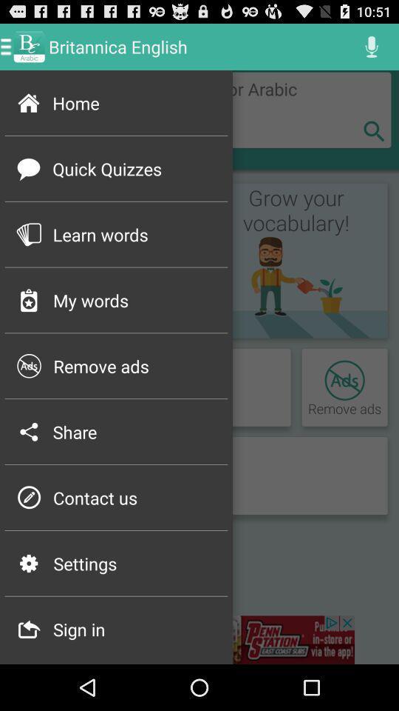  Describe the element at coordinates (29, 365) in the screenshot. I see `app next to the remove ads` at that location.